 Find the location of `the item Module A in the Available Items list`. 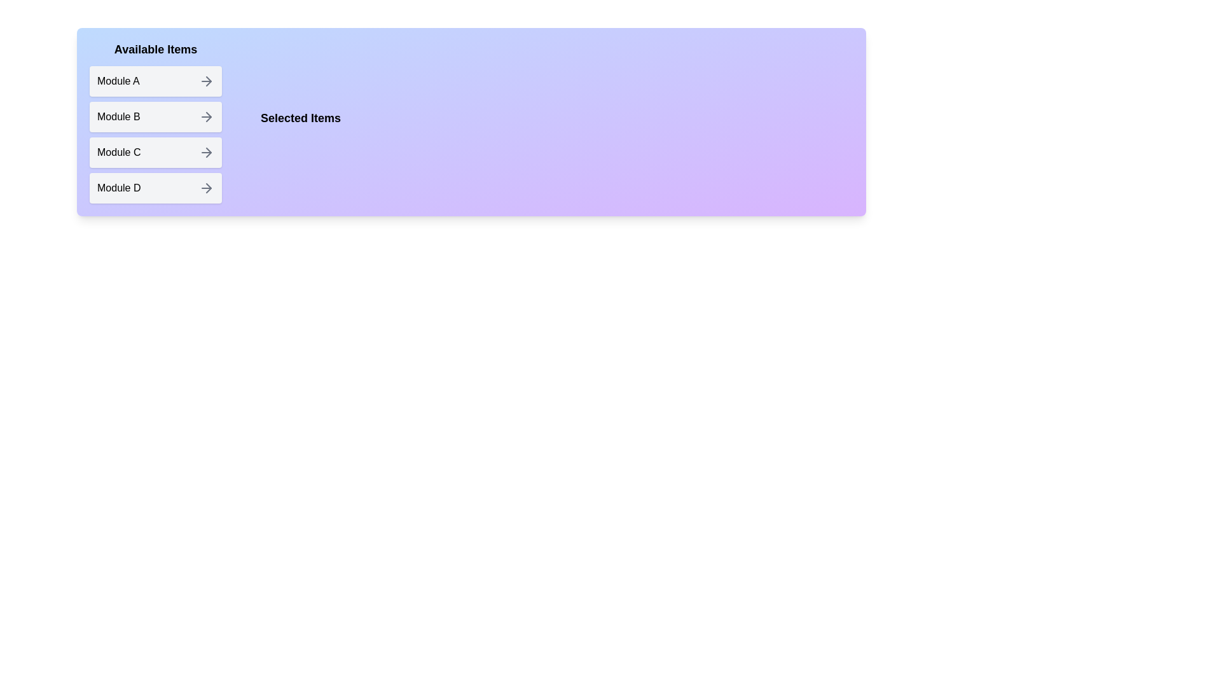

the item Module A in the Available Items list is located at coordinates (155, 81).